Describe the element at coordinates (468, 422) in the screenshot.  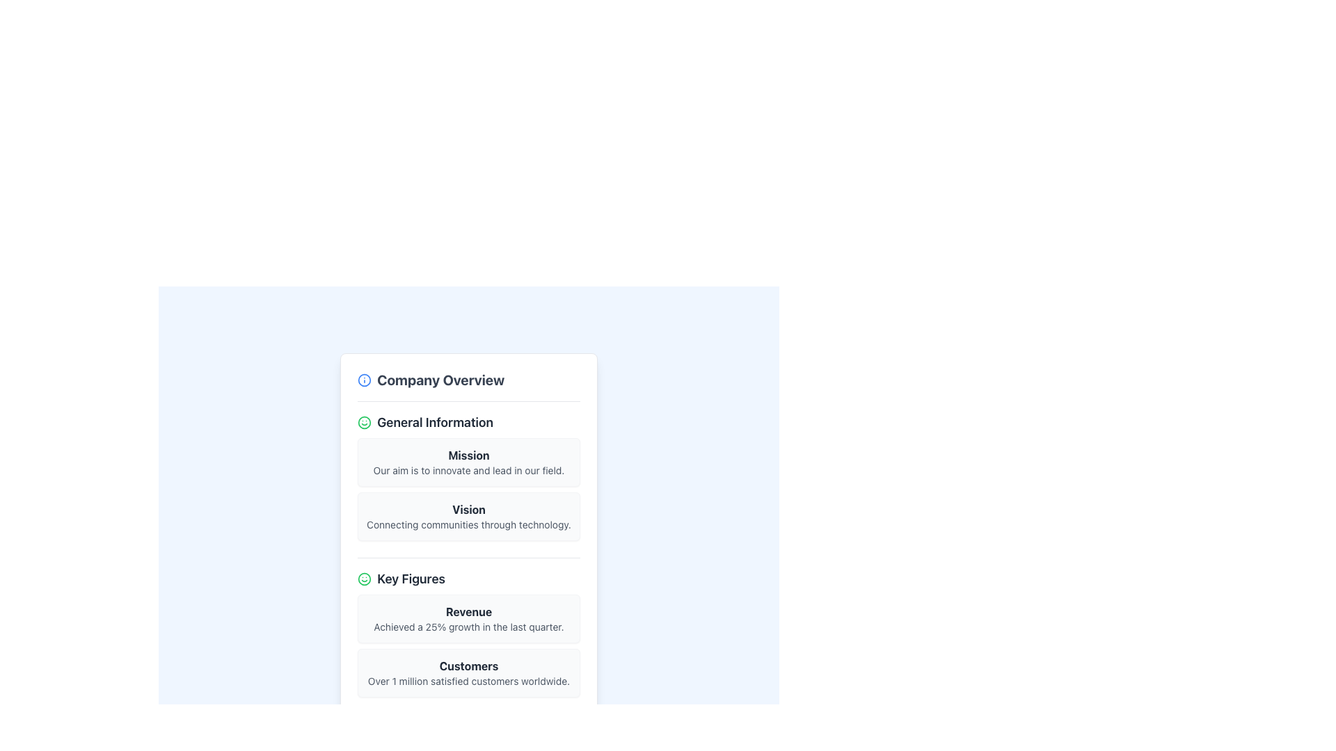
I see `the Text Label that introduces the section containing general information descriptions, positioned below 'Company Overview' and above 'Mission' and 'Vision'` at that location.